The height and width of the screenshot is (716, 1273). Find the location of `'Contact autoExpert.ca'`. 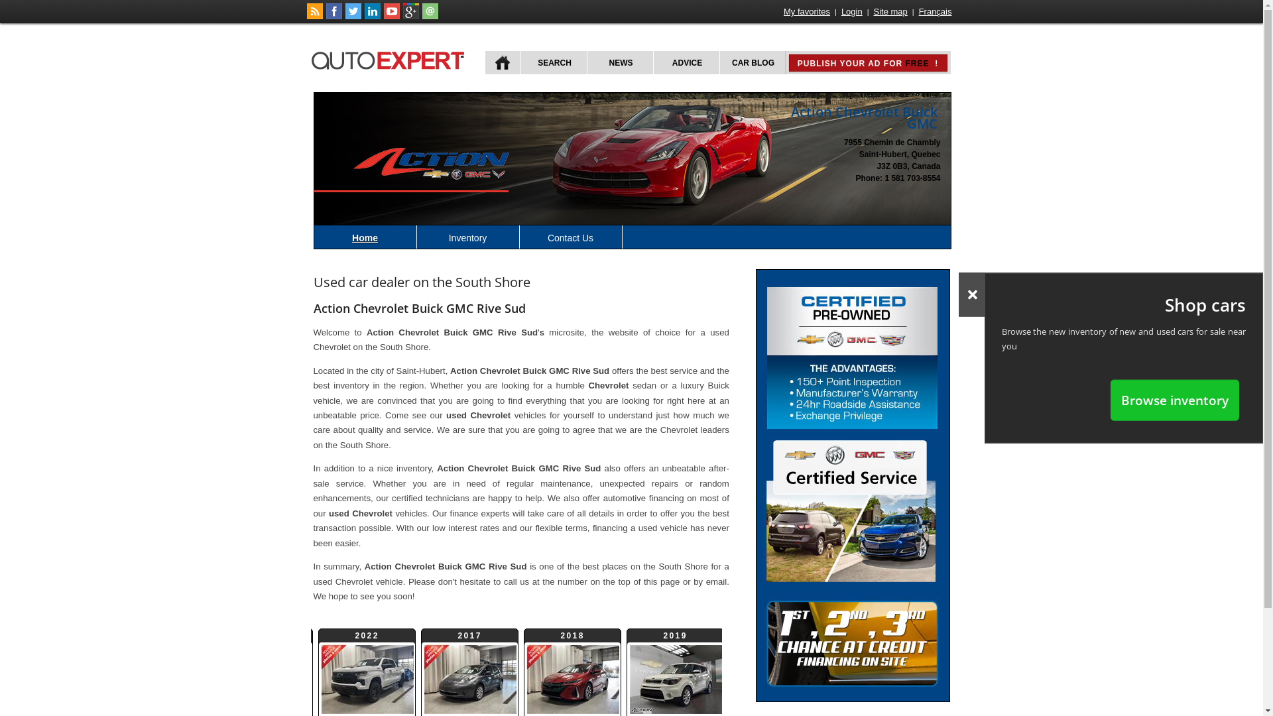

'Contact autoExpert.ca' is located at coordinates (430, 16).